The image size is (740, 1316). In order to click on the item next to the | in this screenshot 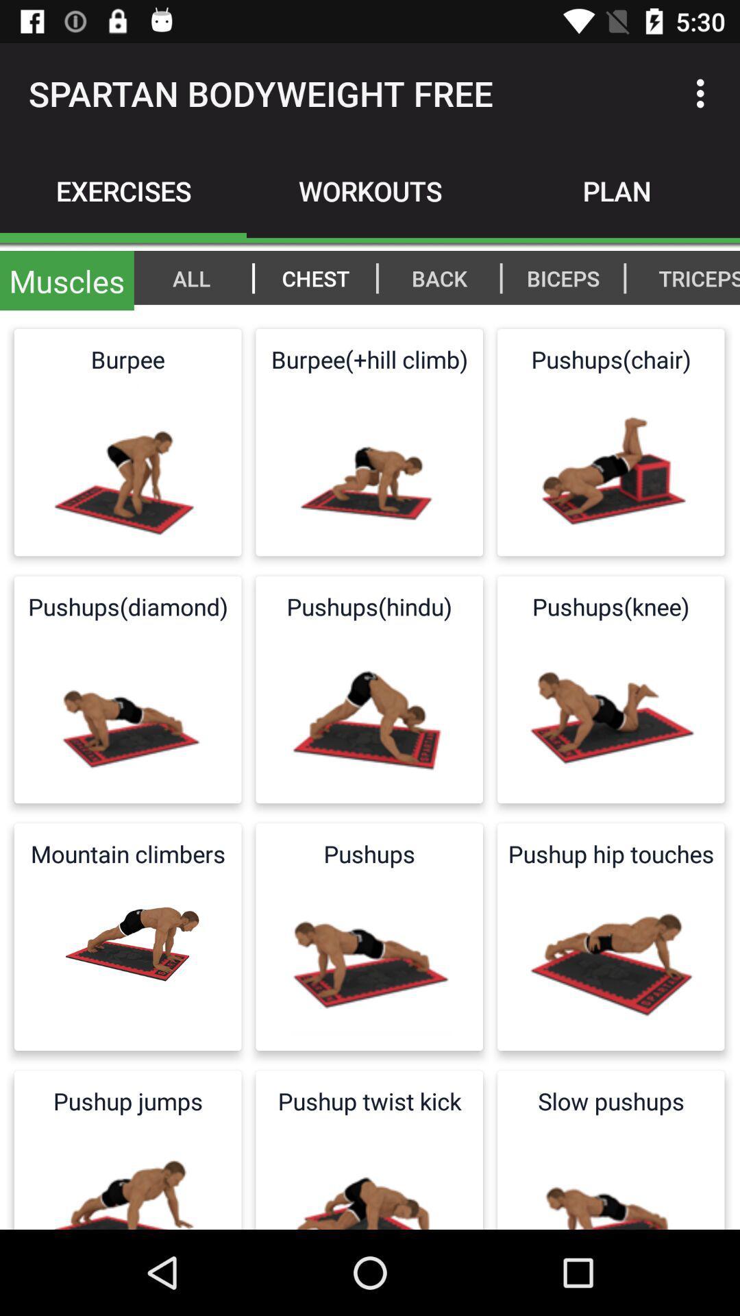, I will do `click(439, 277)`.